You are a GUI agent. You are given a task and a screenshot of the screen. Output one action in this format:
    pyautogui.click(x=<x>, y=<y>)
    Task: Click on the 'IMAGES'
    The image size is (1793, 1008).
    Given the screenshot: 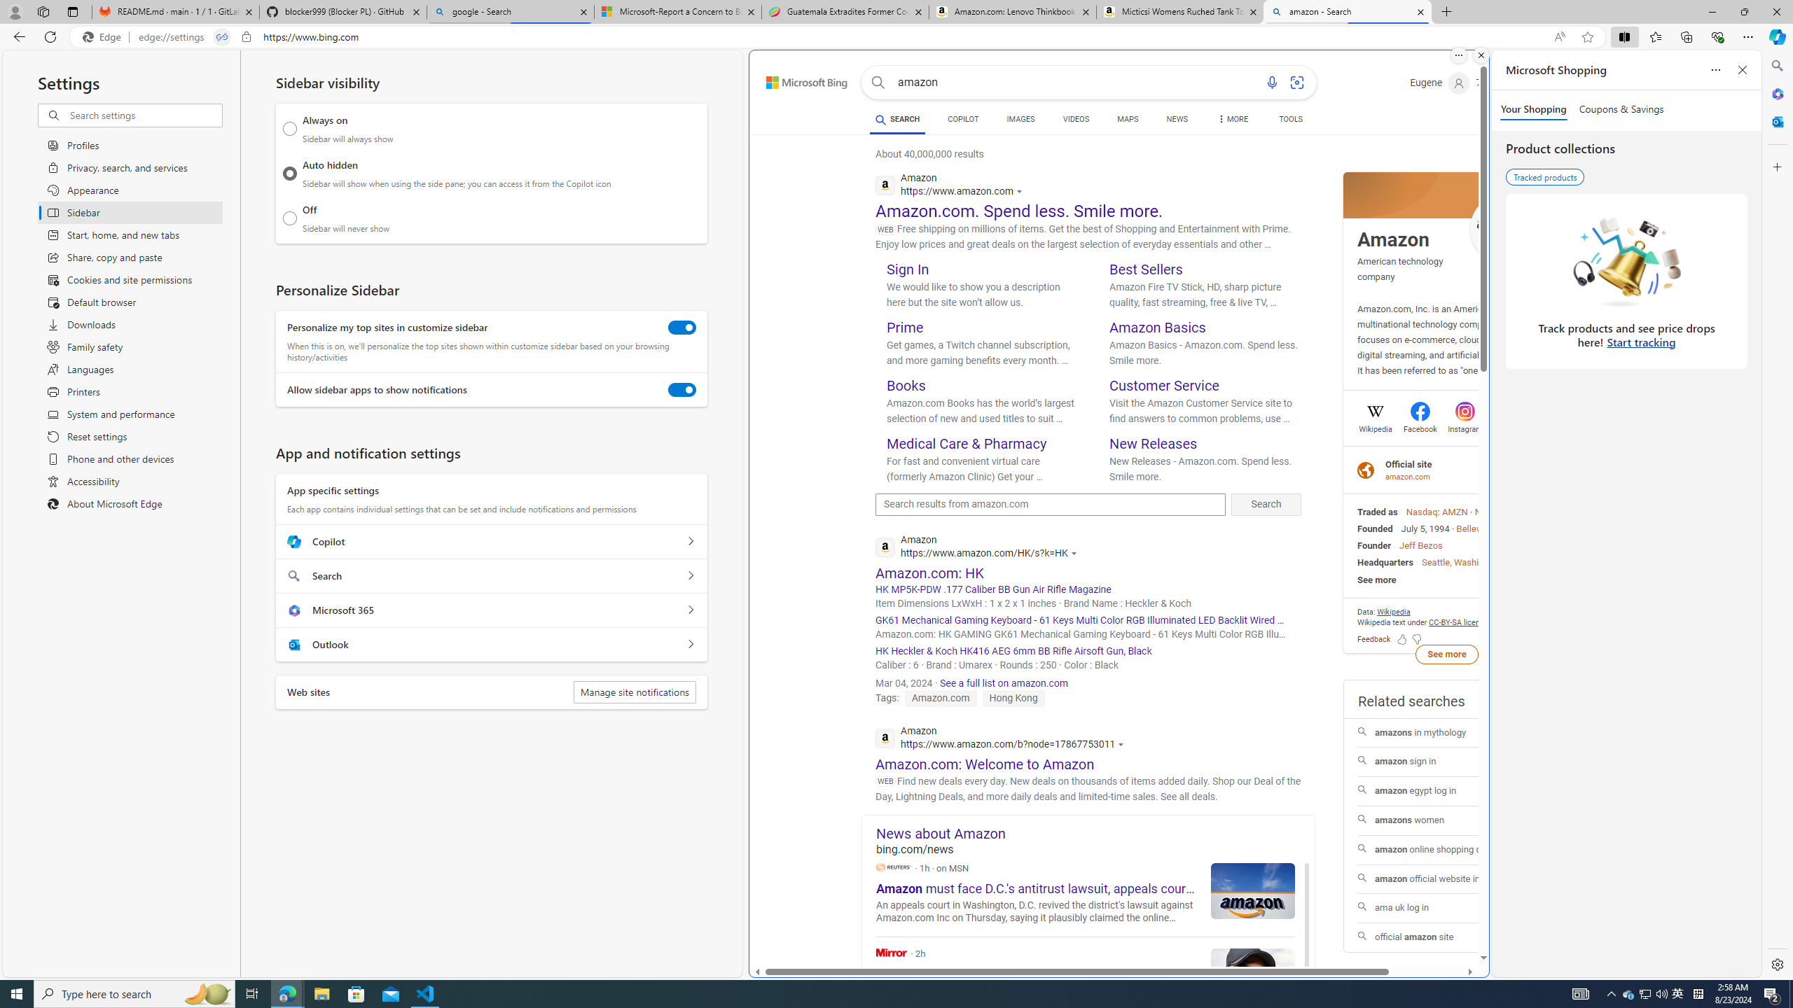 What is the action you would take?
    pyautogui.click(x=1019, y=118)
    